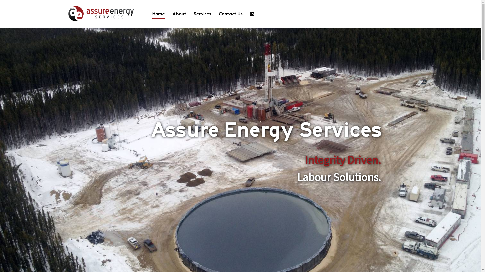  What do you see at coordinates (230, 14) in the screenshot?
I see `'Contact Us'` at bounding box center [230, 14].